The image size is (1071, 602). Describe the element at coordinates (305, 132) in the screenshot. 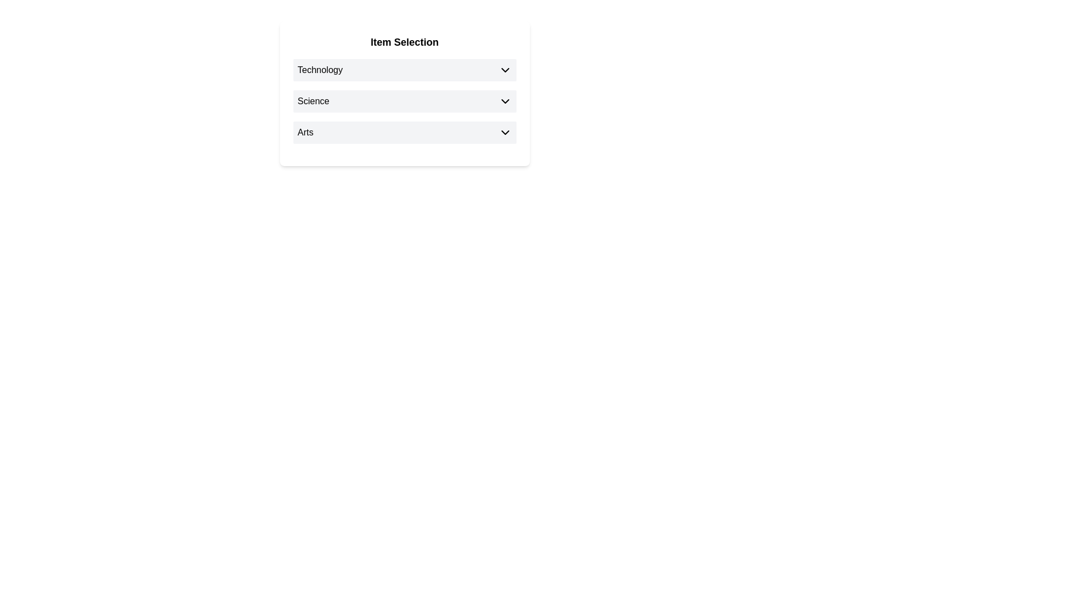

I see `the 'Arts' label in the third row` at that location.